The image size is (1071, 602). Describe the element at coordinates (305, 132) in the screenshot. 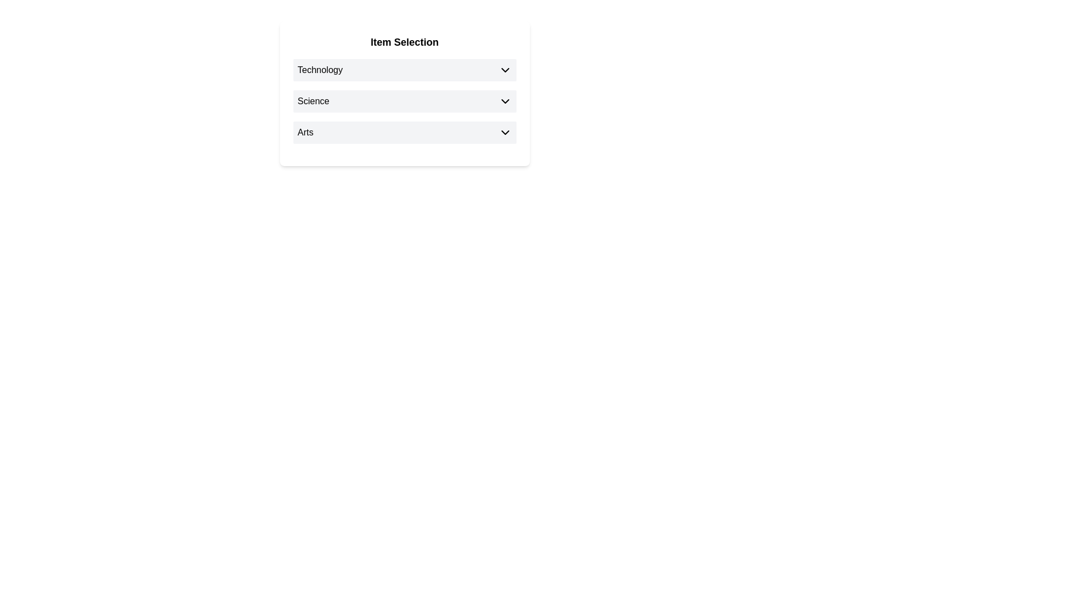

I see `the 'Arts' label in the third row` at that location.